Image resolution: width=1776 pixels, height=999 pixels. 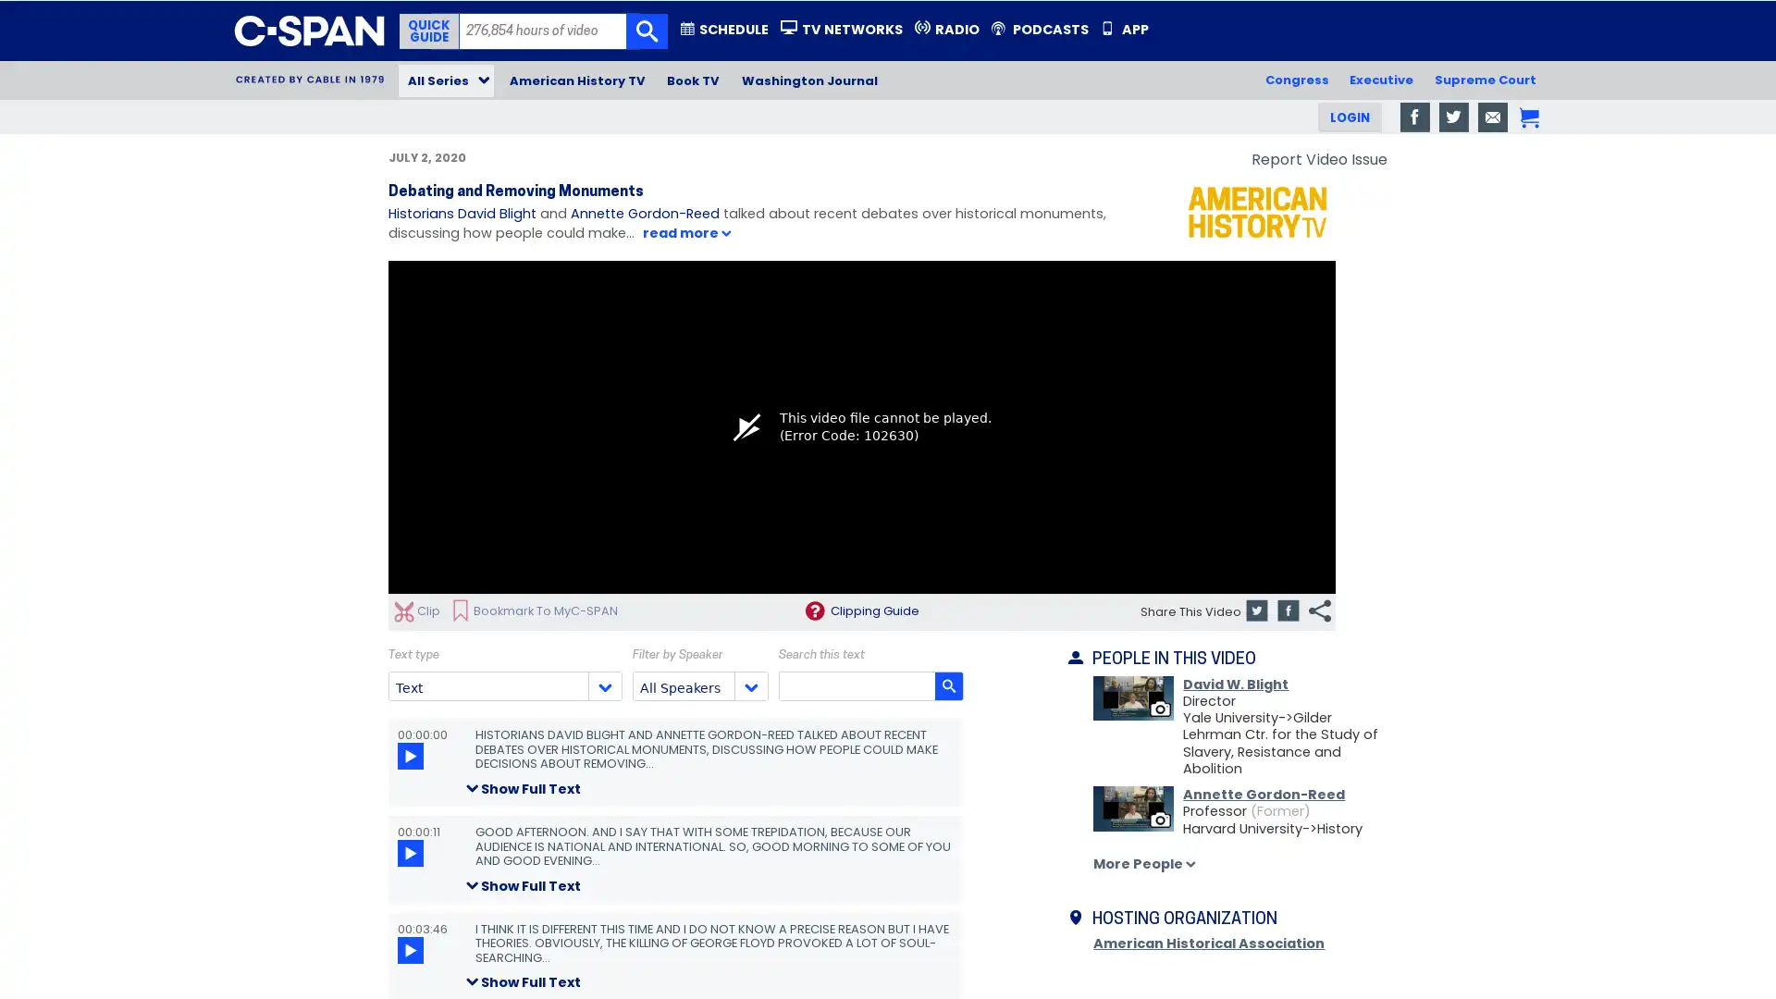 What do you see at coordinates (646, 31) in the screenshot?
I see `Search` at bounding box center [646, 31].